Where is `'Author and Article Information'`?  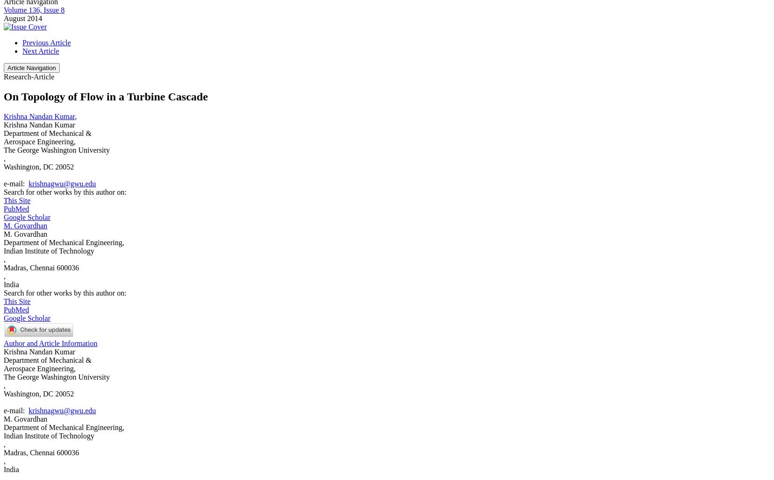
'Author and Article Information' is located at coordinates (50, 343).